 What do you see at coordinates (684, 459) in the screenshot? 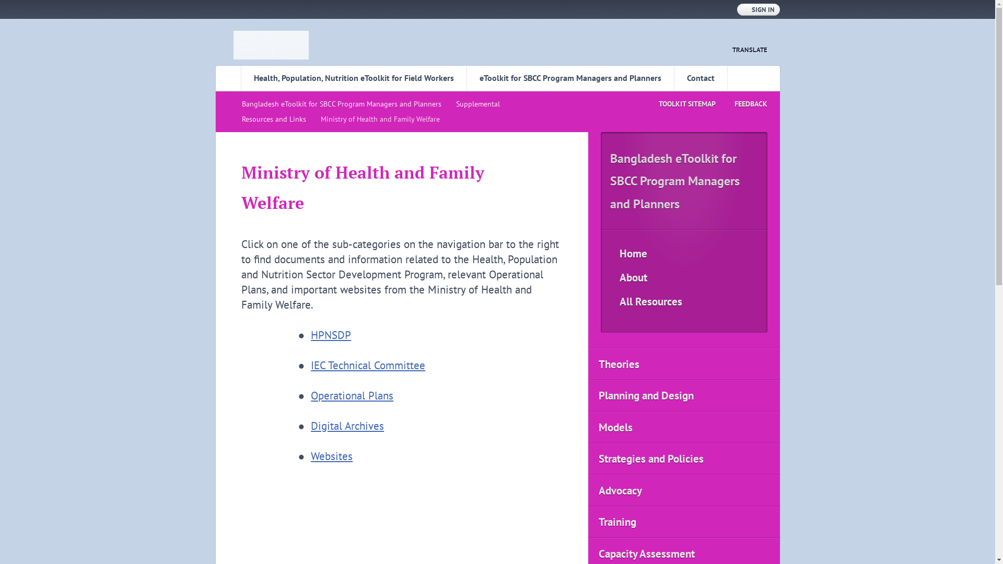
I see `'Strategies and Policies'` at bounding box center [684, 459].